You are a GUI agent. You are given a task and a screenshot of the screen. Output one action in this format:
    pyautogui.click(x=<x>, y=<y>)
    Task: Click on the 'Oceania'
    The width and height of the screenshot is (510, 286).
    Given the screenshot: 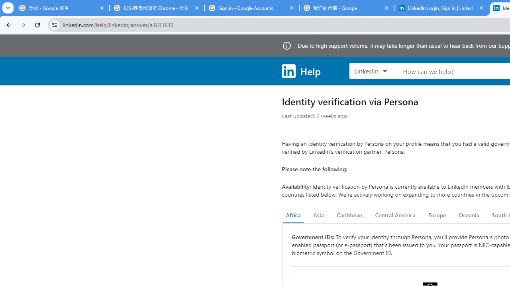 What is the action you would take?
    pyautogui.click(x=469, y=215)
    